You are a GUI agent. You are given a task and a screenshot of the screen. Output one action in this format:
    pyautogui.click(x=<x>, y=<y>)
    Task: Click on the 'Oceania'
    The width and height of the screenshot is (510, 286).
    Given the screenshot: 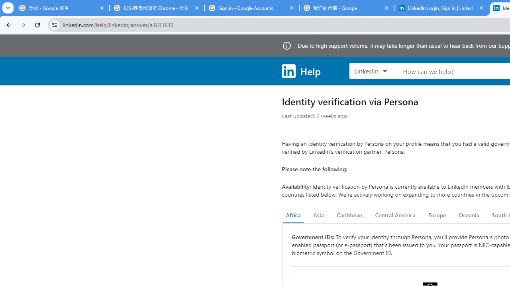 What is the action you would take?
    pyautogui.click(x=469, y=215)
    